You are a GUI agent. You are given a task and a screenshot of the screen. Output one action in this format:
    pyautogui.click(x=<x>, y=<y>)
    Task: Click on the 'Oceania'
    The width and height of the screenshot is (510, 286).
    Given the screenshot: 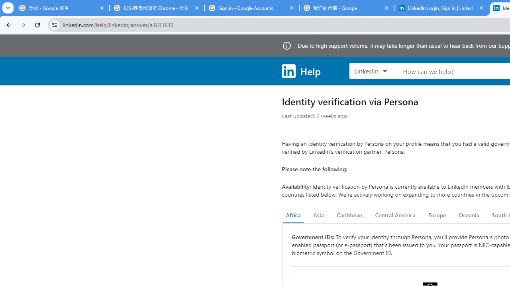 What is the action you would take?
    pyautogui.click(x=469, y=215)
    